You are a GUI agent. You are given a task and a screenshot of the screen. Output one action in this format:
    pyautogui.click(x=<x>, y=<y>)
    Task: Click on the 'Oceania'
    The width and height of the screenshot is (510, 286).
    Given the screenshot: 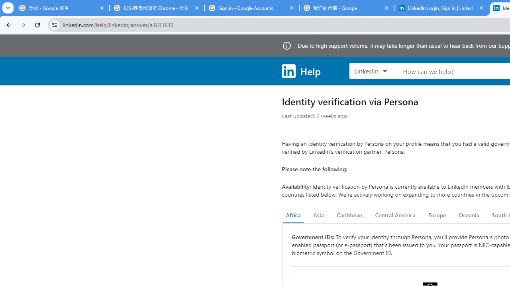 What is the action you would take?
    pyautogui.click(x=469, y=215)
    